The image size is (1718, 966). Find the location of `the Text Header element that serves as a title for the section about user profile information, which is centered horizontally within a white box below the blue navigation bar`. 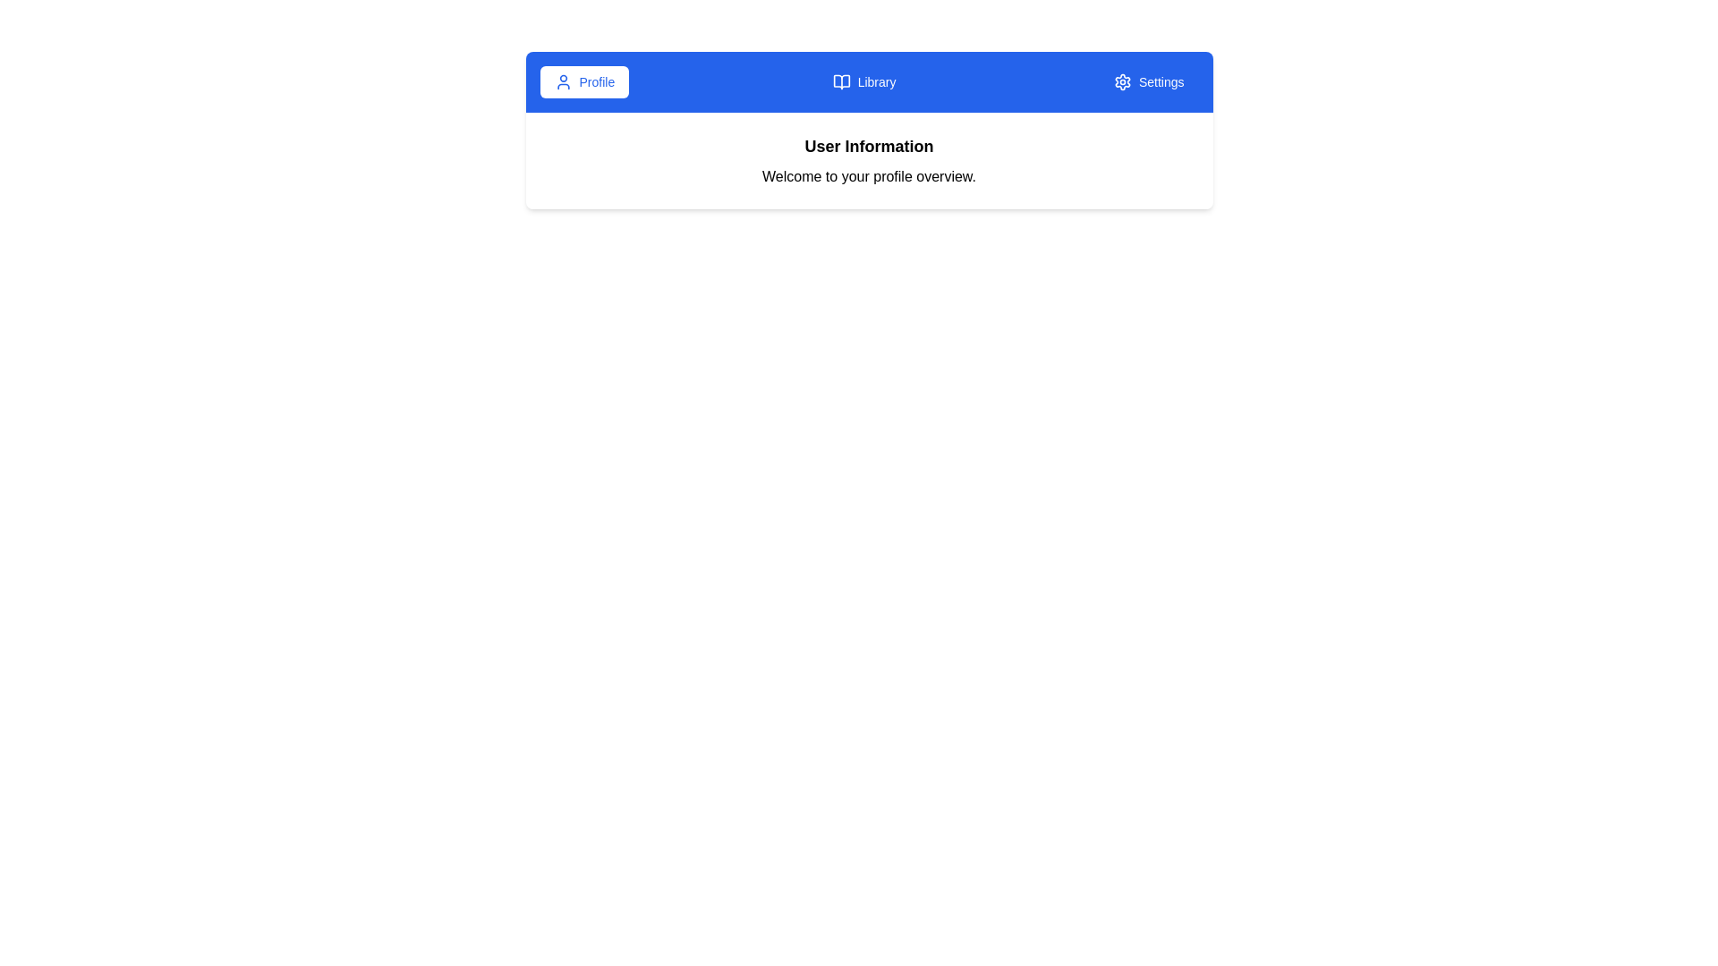

the Text Header element that serves as a title for the section about user profile information, which is centered horizontally within a white box below the blue navigation bar is located at coordinates (869, 161).